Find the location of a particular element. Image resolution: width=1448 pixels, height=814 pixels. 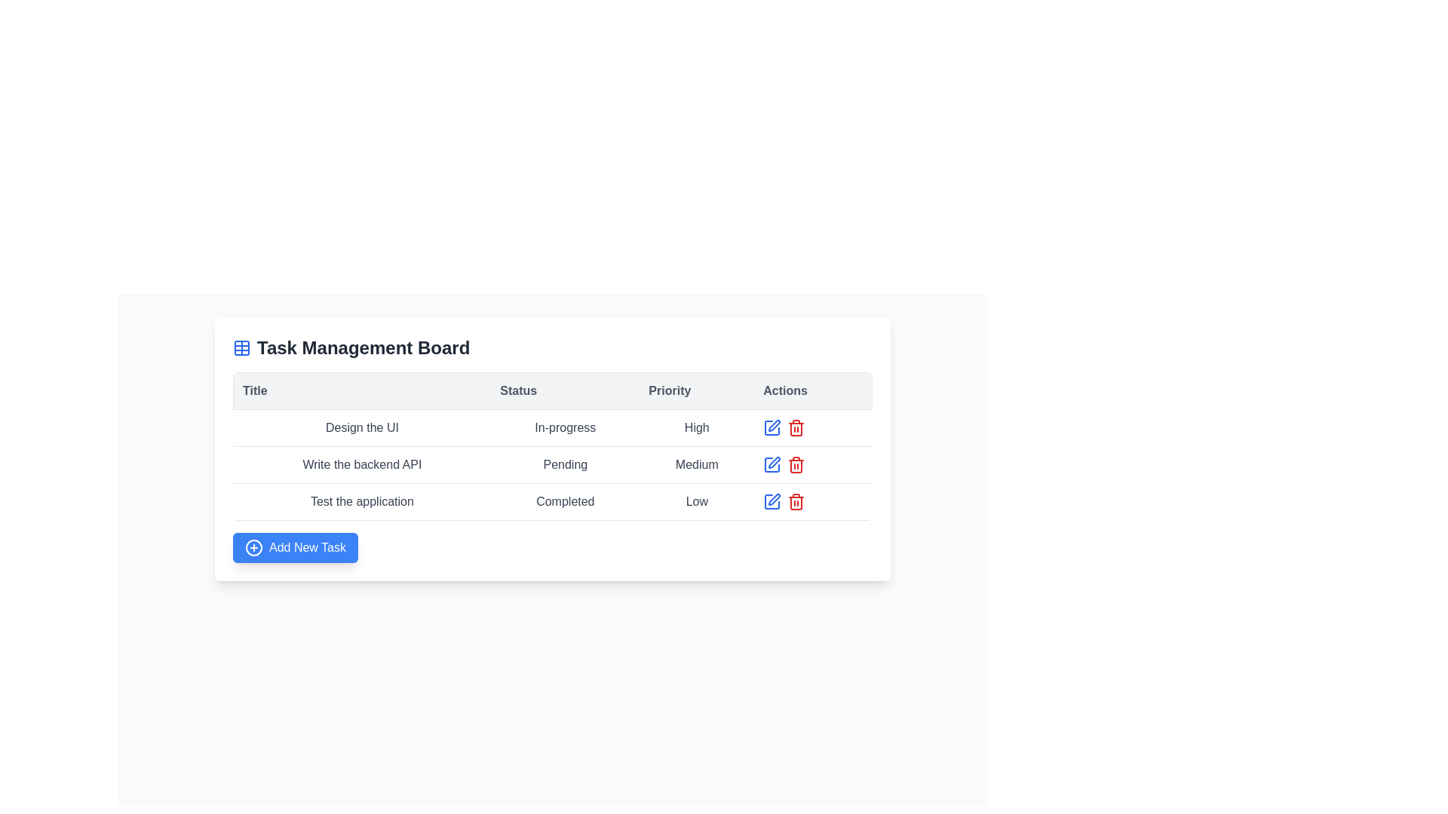

the static text label indicating task completion located in the third row of the table under the 'Status' column, positioned between 'Test the application' and 'Low' is located at coordinates (564, 502).